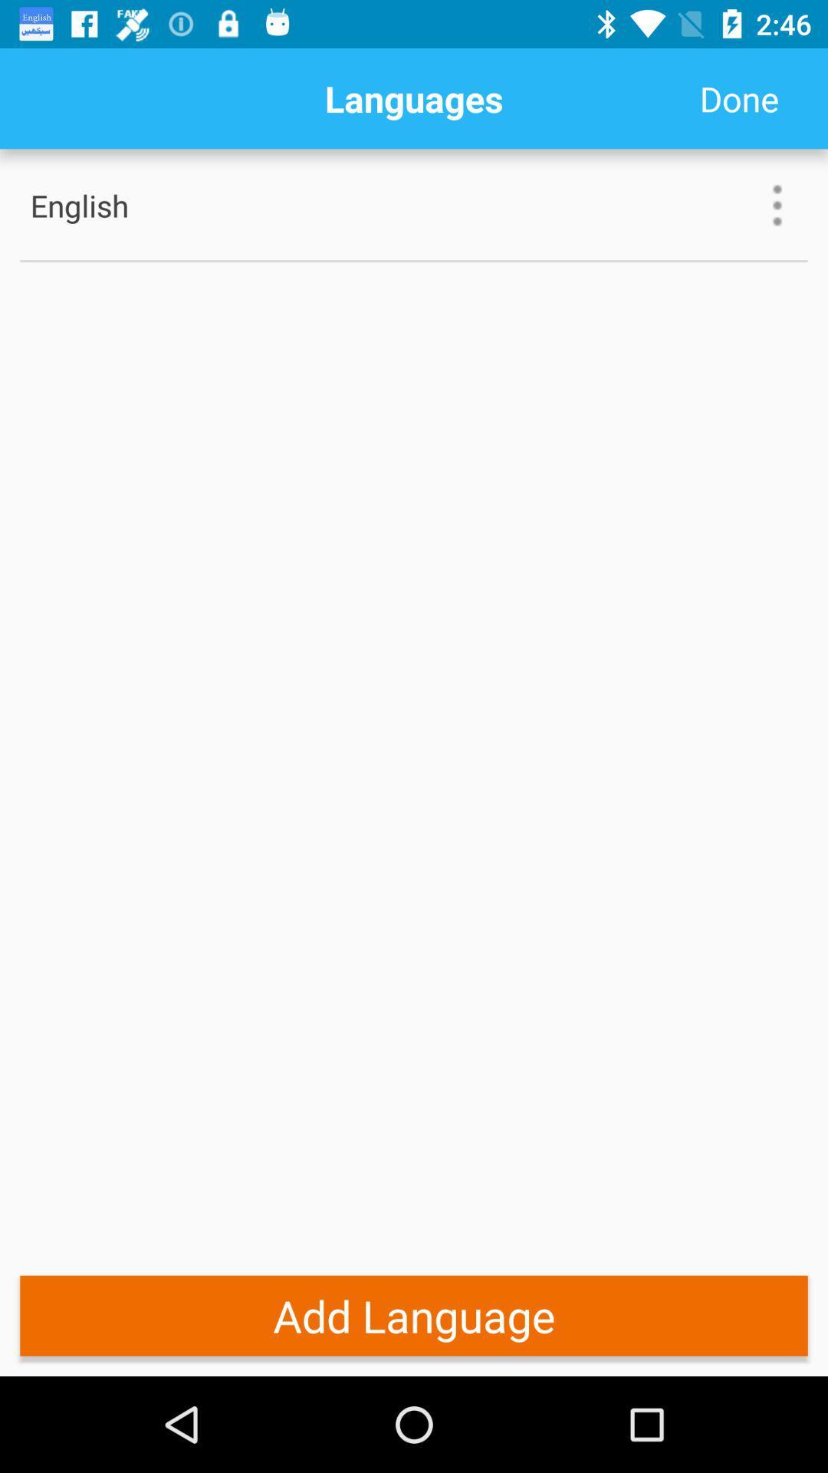 The image size is (828, 1473). What do you see at coordinates (414, 261) in the screenshot?
I see `item above add language icon` at bounding box center [414, 261].